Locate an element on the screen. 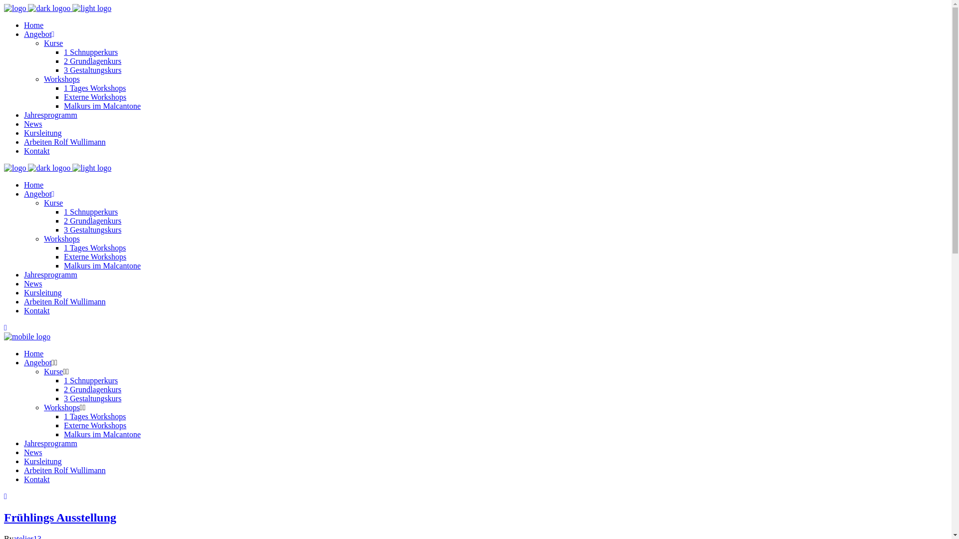  '1 Schnupperkurs' is located at coordinates (91, 211).